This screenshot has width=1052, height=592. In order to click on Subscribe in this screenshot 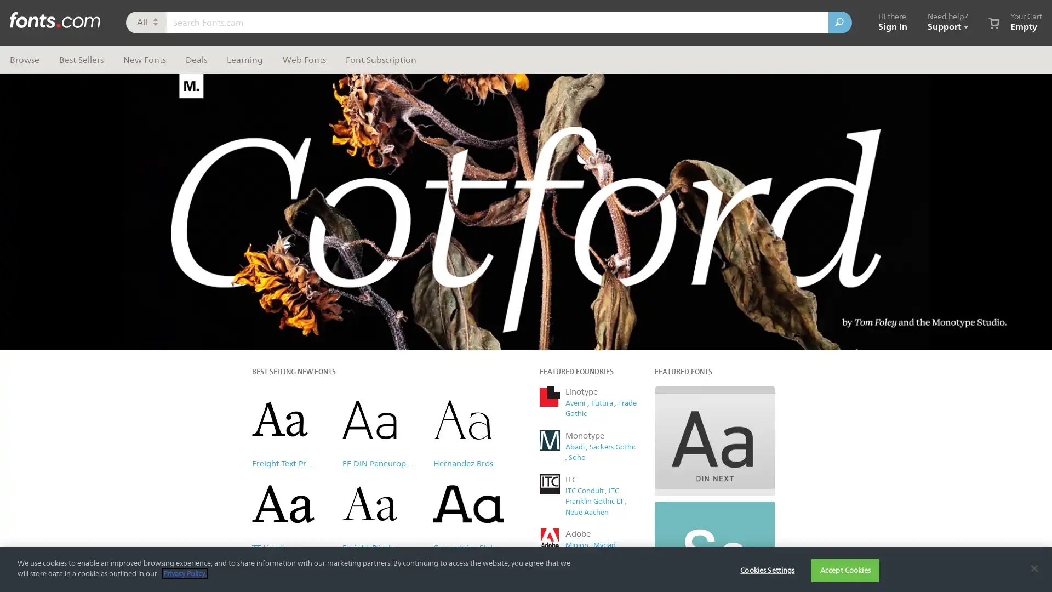, I will do `click(635, 282)`.